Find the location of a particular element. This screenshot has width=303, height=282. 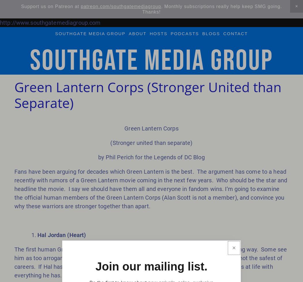

'Support us on Patreon at' is located at coordinates (51, 6).